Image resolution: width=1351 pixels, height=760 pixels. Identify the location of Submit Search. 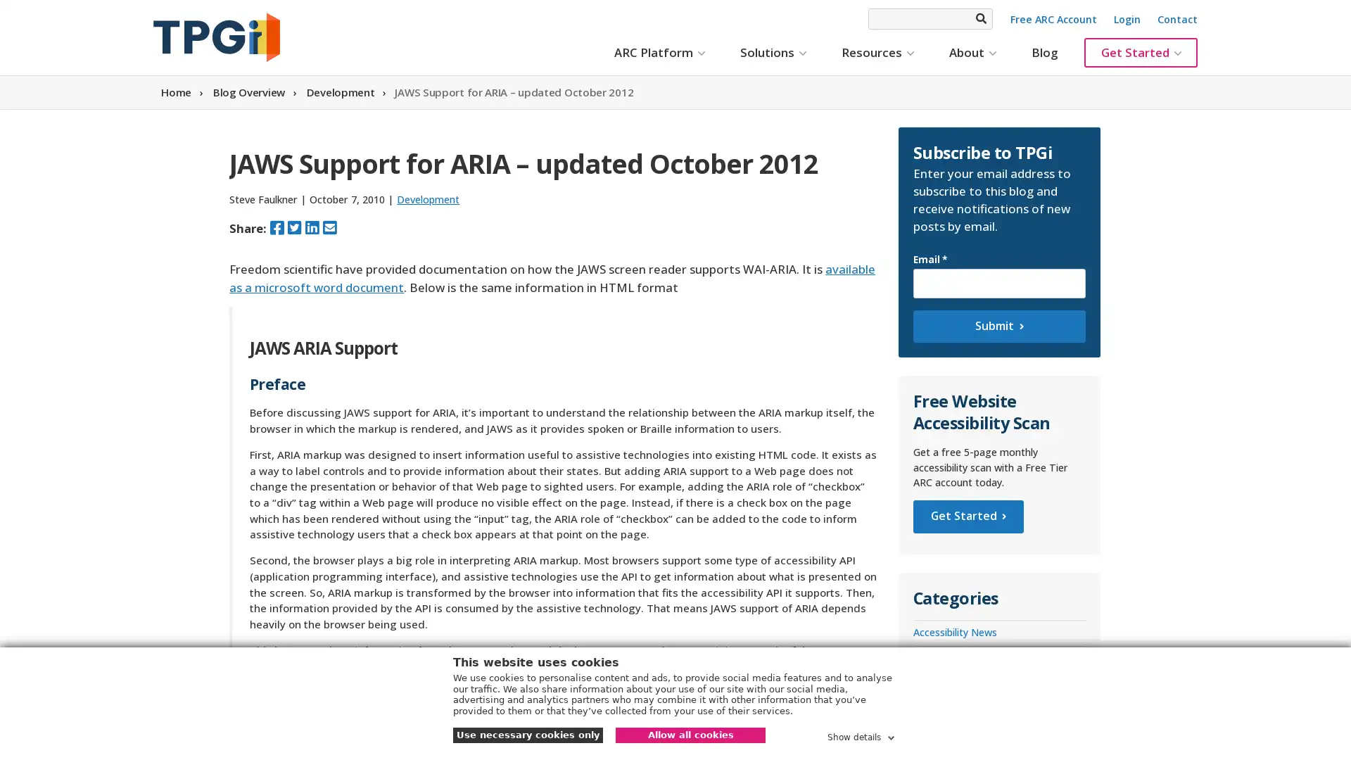
(979, 18).